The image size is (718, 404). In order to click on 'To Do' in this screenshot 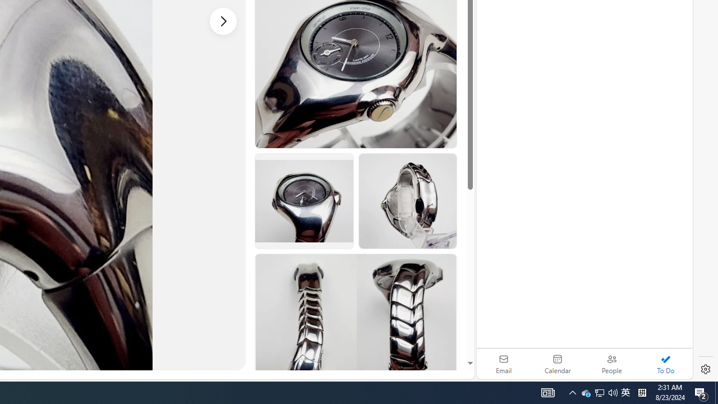, I will do `click(665, 364)`.